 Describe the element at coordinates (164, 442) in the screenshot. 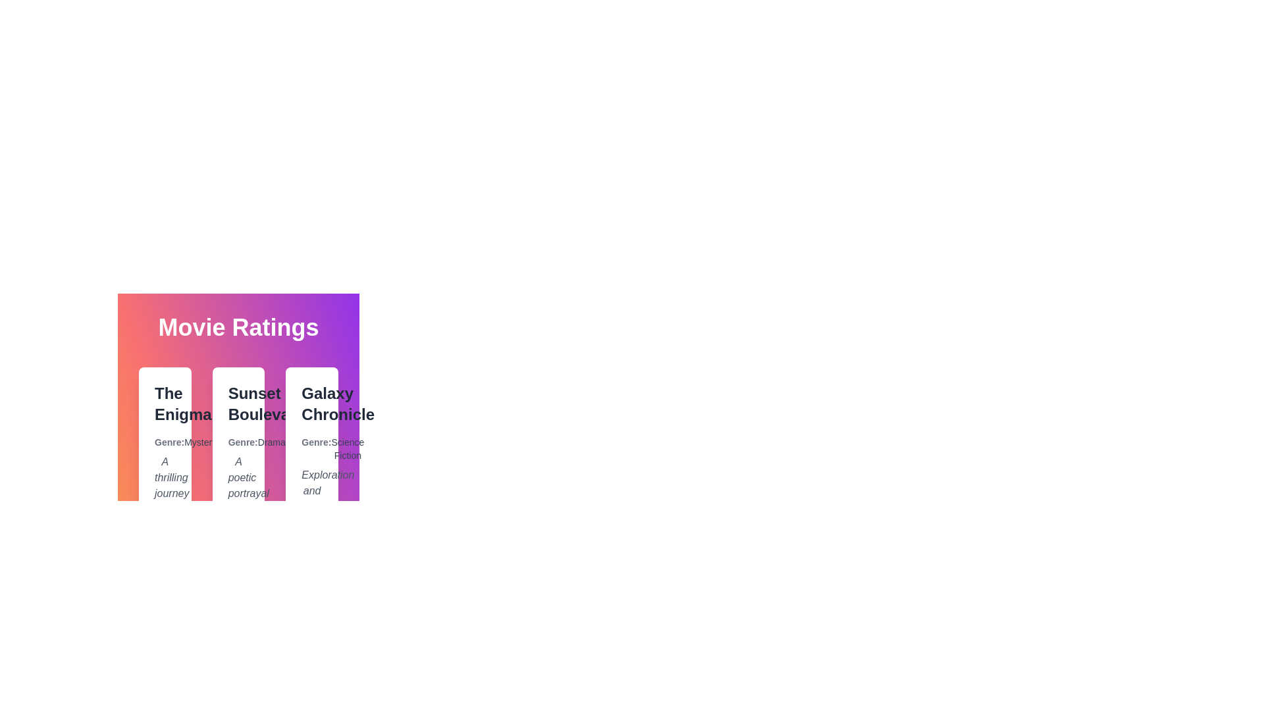

I see `the genre label for The Enigma` at that location.